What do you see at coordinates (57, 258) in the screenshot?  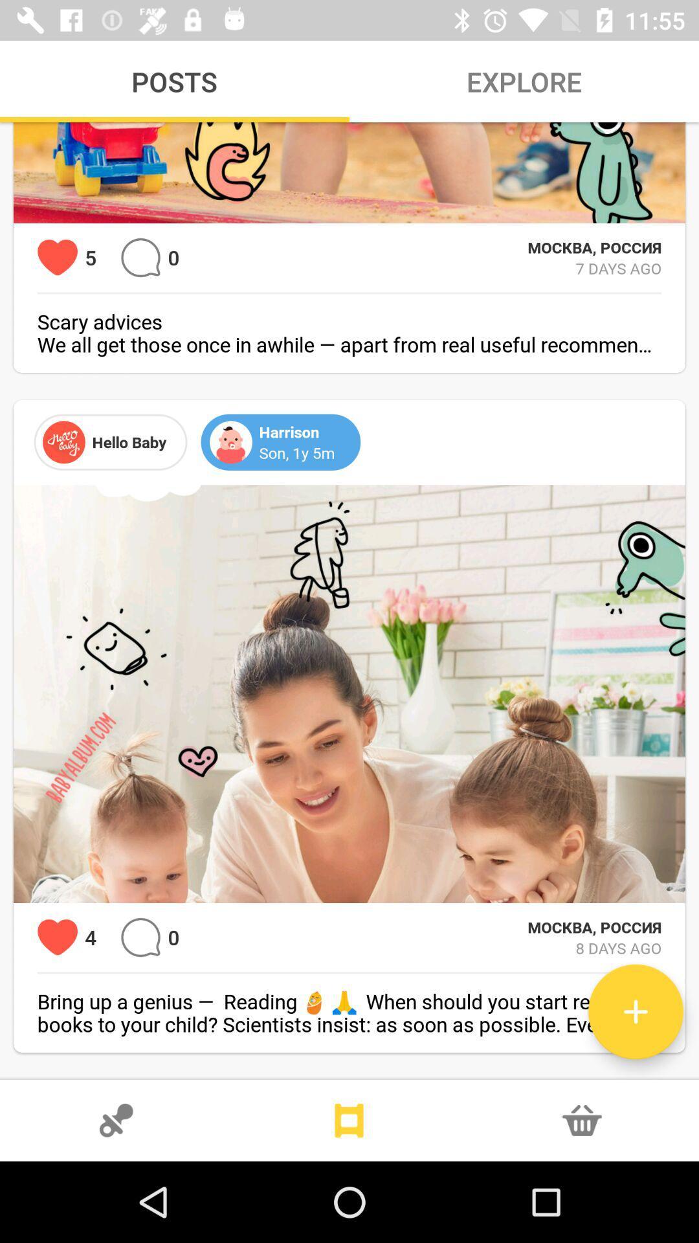 I see `indicates number of hearts previously selected` at bounding box center [57, 258].